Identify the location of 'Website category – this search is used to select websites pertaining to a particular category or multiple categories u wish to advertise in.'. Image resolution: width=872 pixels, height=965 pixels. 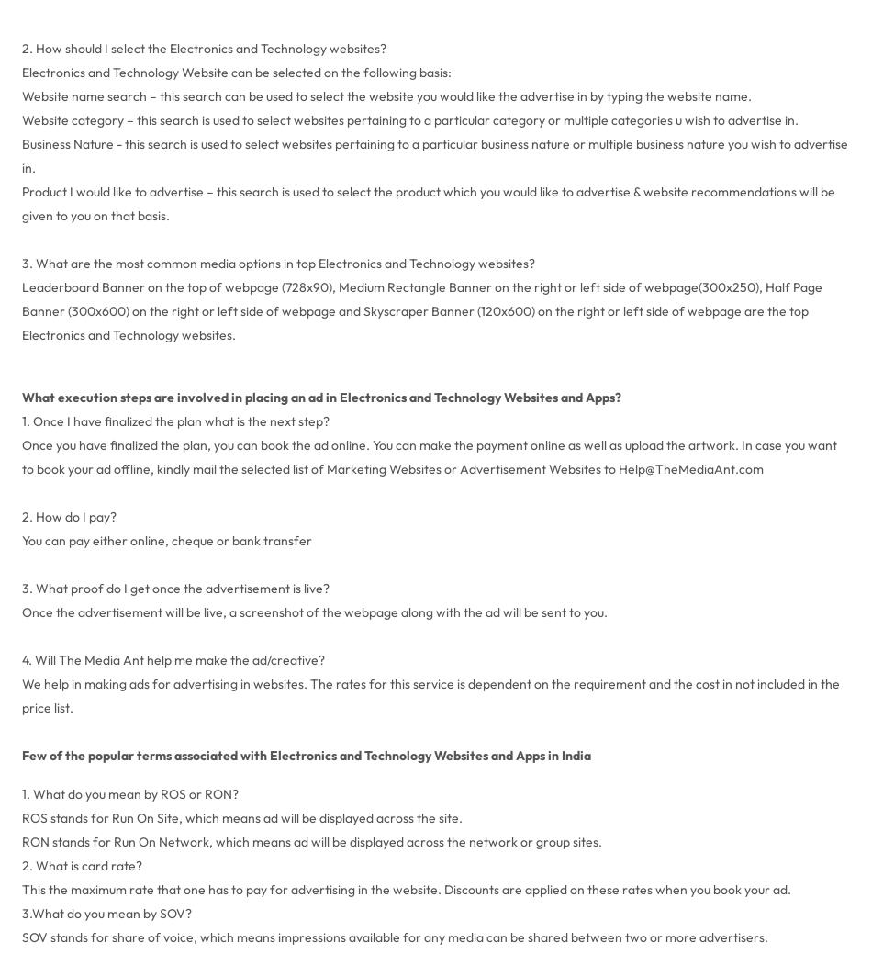
(408, 118).